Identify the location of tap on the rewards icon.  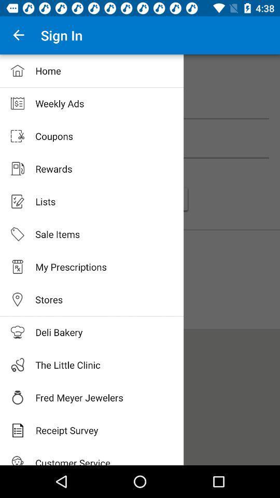
(17, 169).